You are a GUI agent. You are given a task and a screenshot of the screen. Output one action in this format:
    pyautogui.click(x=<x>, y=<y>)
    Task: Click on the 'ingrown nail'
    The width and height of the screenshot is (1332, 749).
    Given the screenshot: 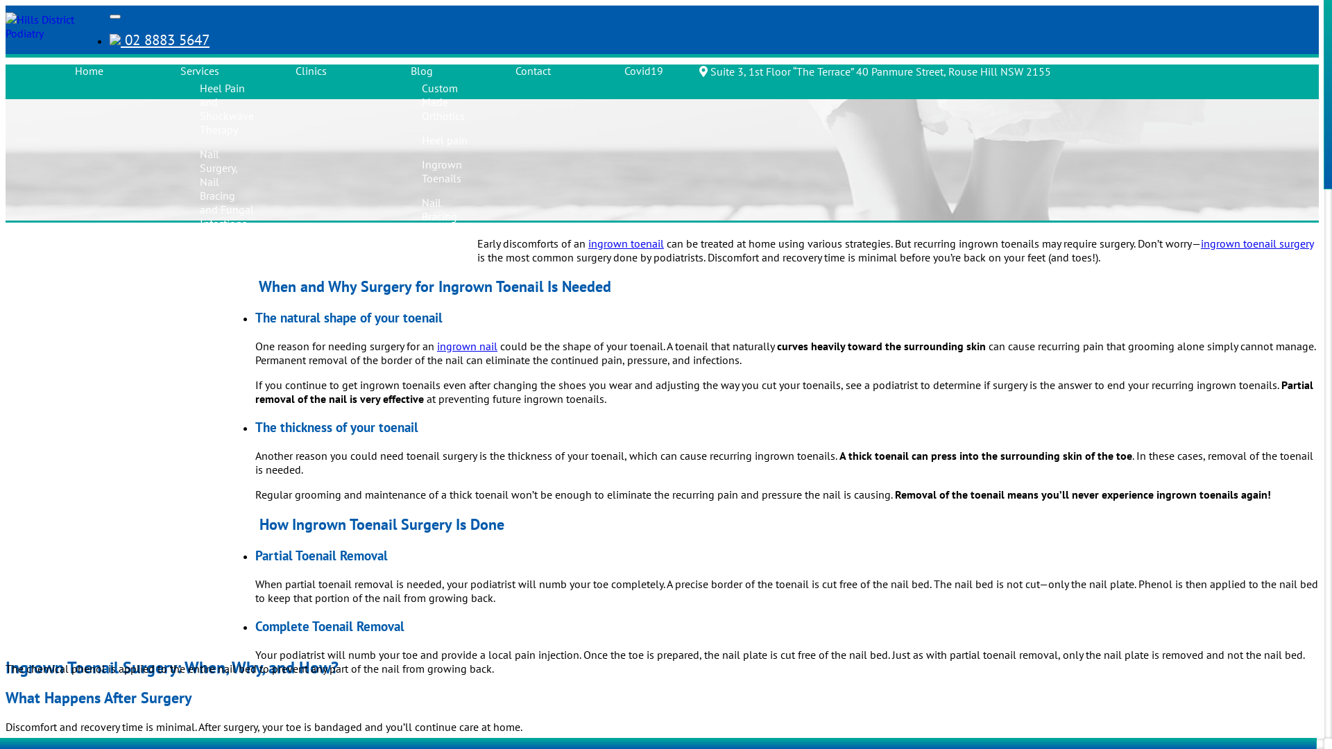 What is the action you would take?
    pyautogui.click(x=436, y=345)
    